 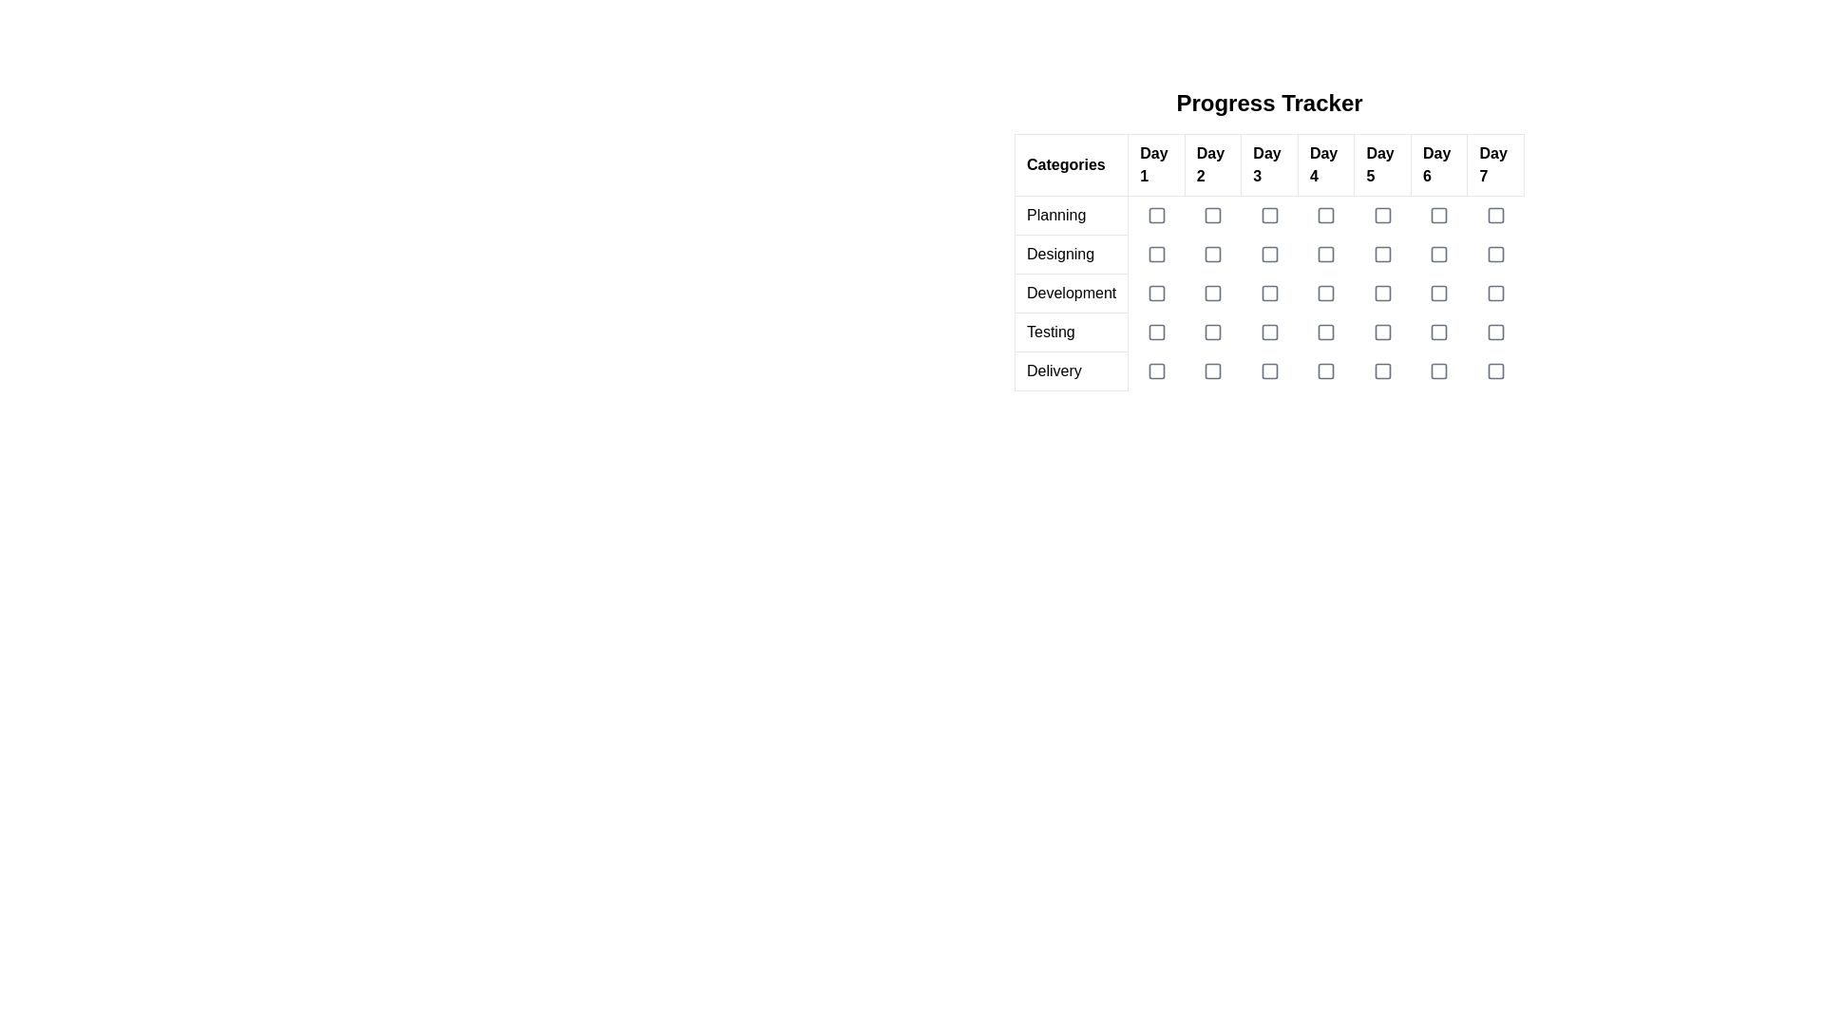 I want to click on the row corresponding to the category Testing, so click(x=1269, y=332).